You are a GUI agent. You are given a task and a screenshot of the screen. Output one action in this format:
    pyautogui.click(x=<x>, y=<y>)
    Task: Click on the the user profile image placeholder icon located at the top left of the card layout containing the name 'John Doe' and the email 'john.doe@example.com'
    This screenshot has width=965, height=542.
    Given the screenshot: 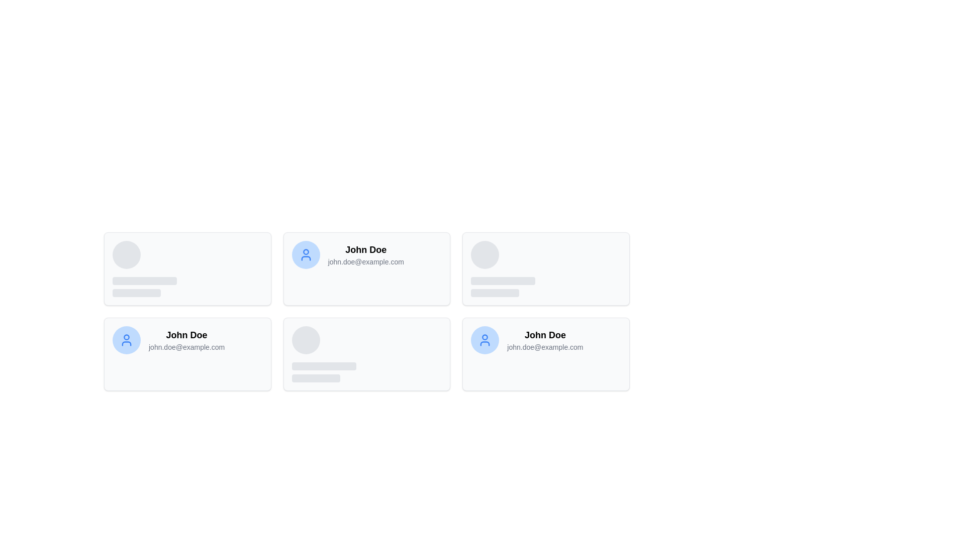 What is the action you would take?
    pyautogui.click(x=485, y=340)
    